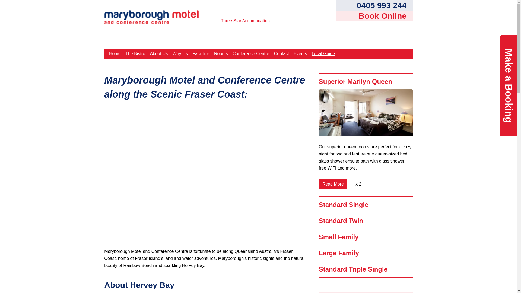  What do you see at coordinates (353, 269) in the screenshot?
I see `'Standard Triple Single'` at bounding box center [353, 269].